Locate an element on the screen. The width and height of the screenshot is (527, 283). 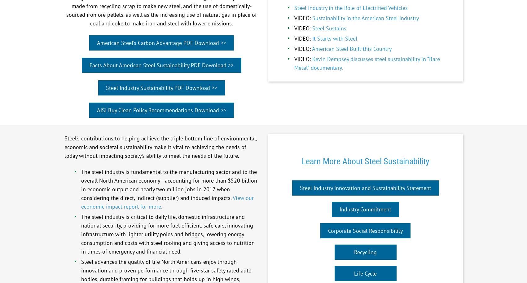
'Industry Commitment' is located at coordinates (365, 209).